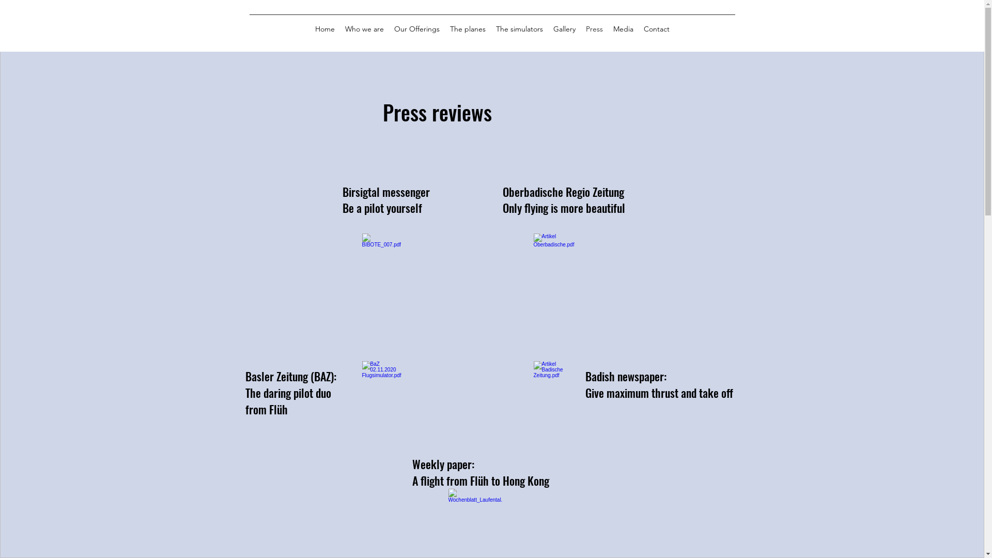 This screenshot has height=558, width=992. I want to click on 'Artikel Badische Zeitung.pdf', so click(554, 396).